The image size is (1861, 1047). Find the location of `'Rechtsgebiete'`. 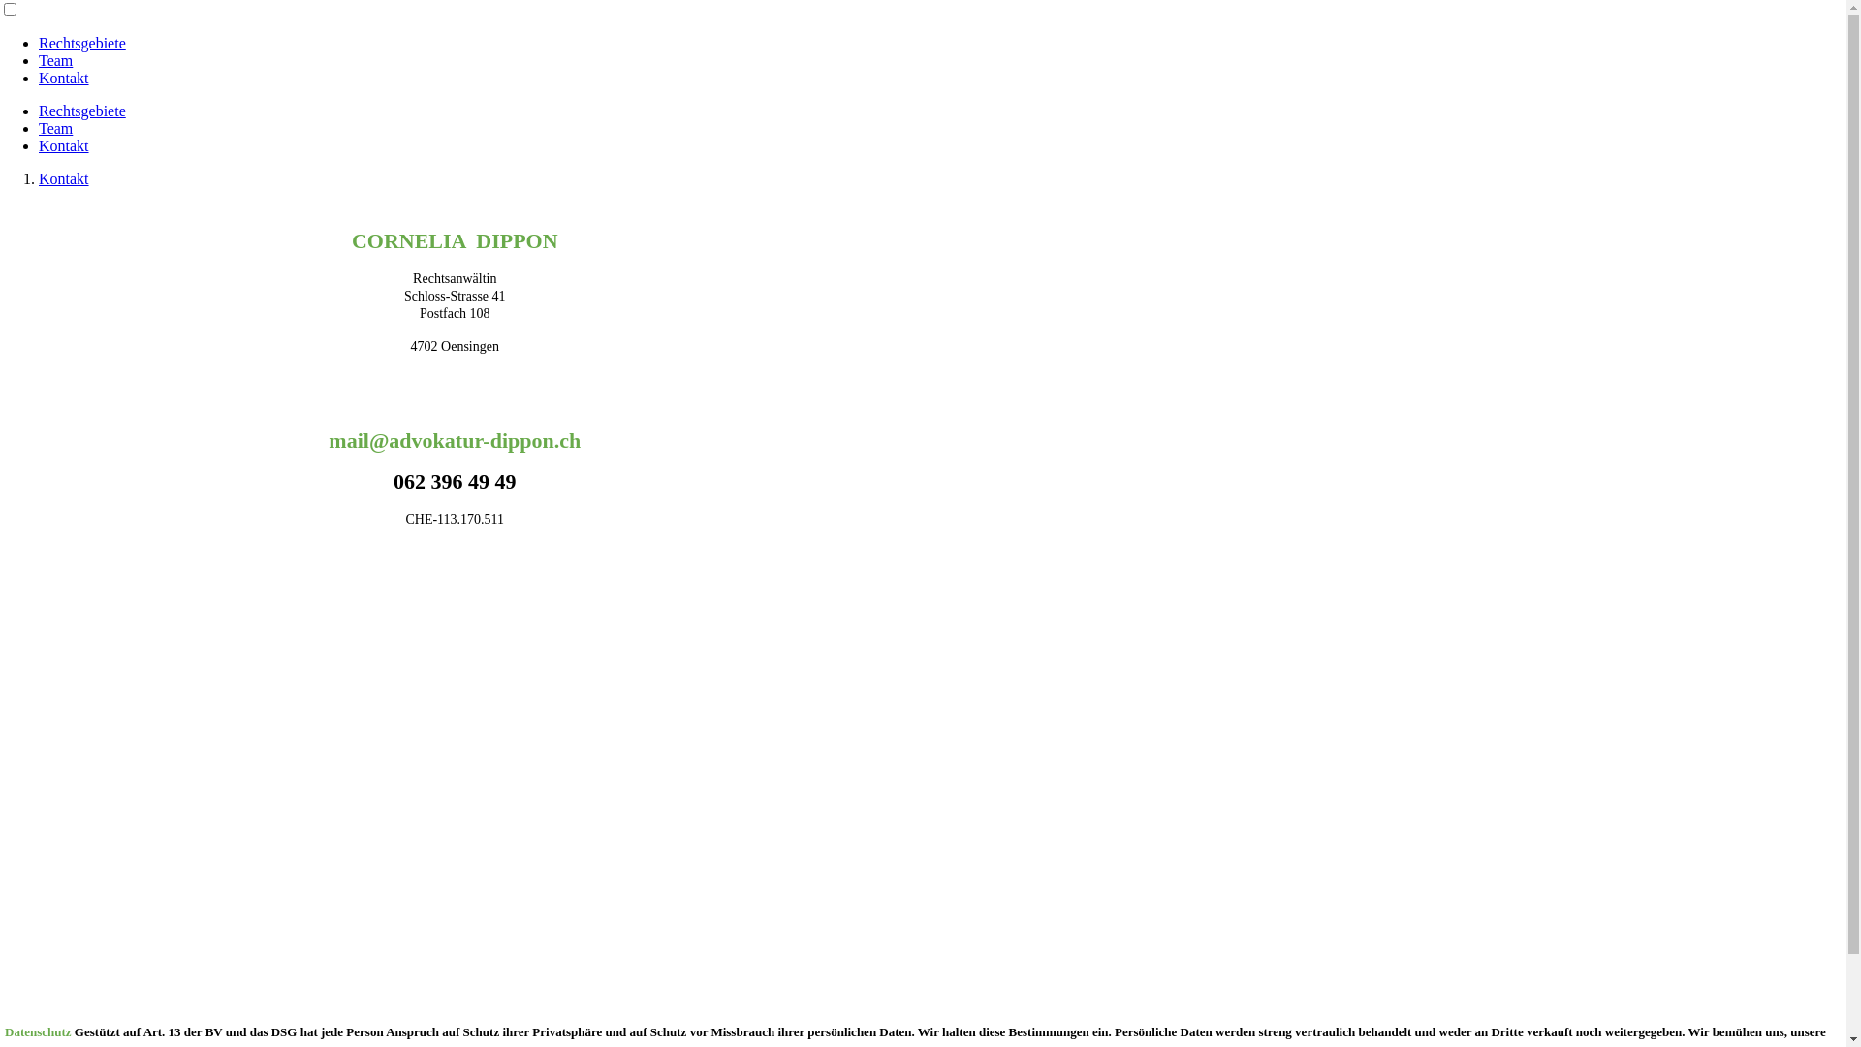

'Rechtsgebiete' is located at coordinates (81, 111).